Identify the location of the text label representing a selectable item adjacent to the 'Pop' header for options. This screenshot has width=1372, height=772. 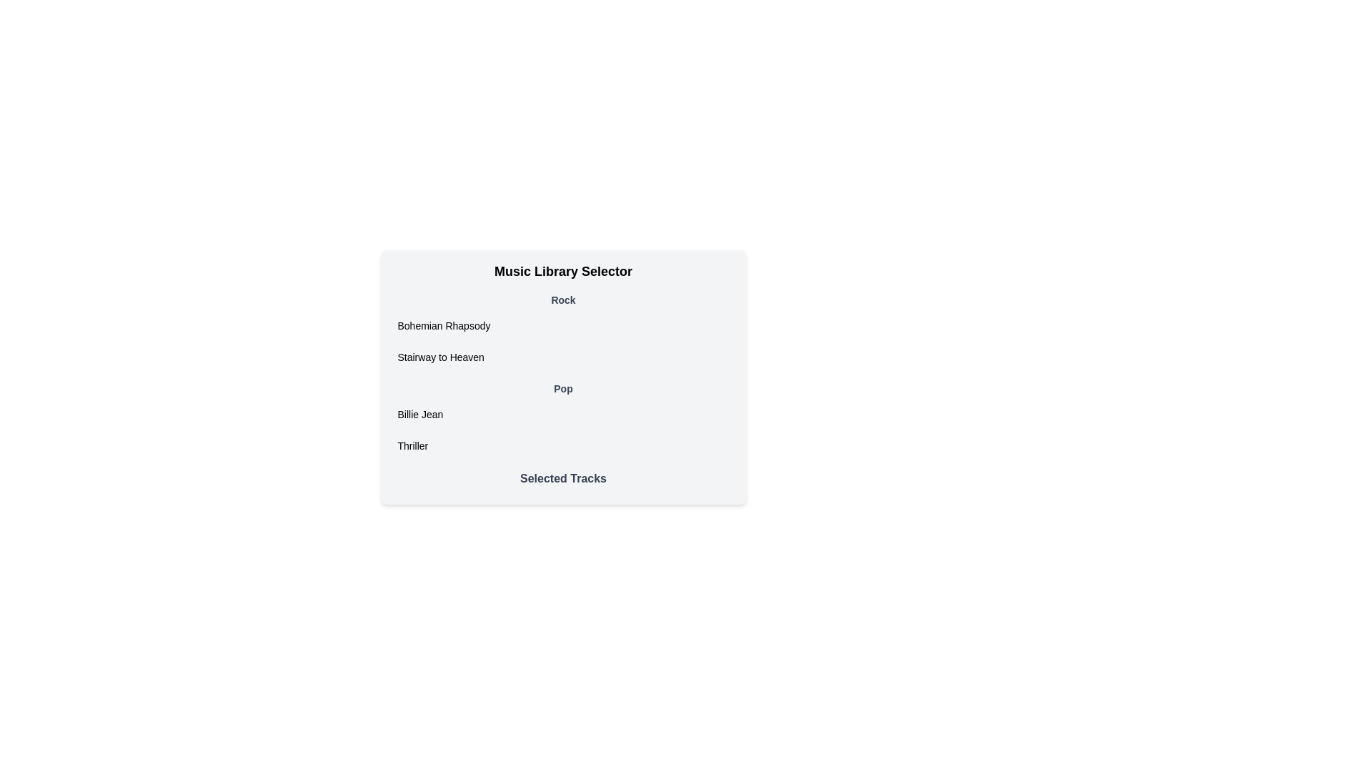
(412, 445).